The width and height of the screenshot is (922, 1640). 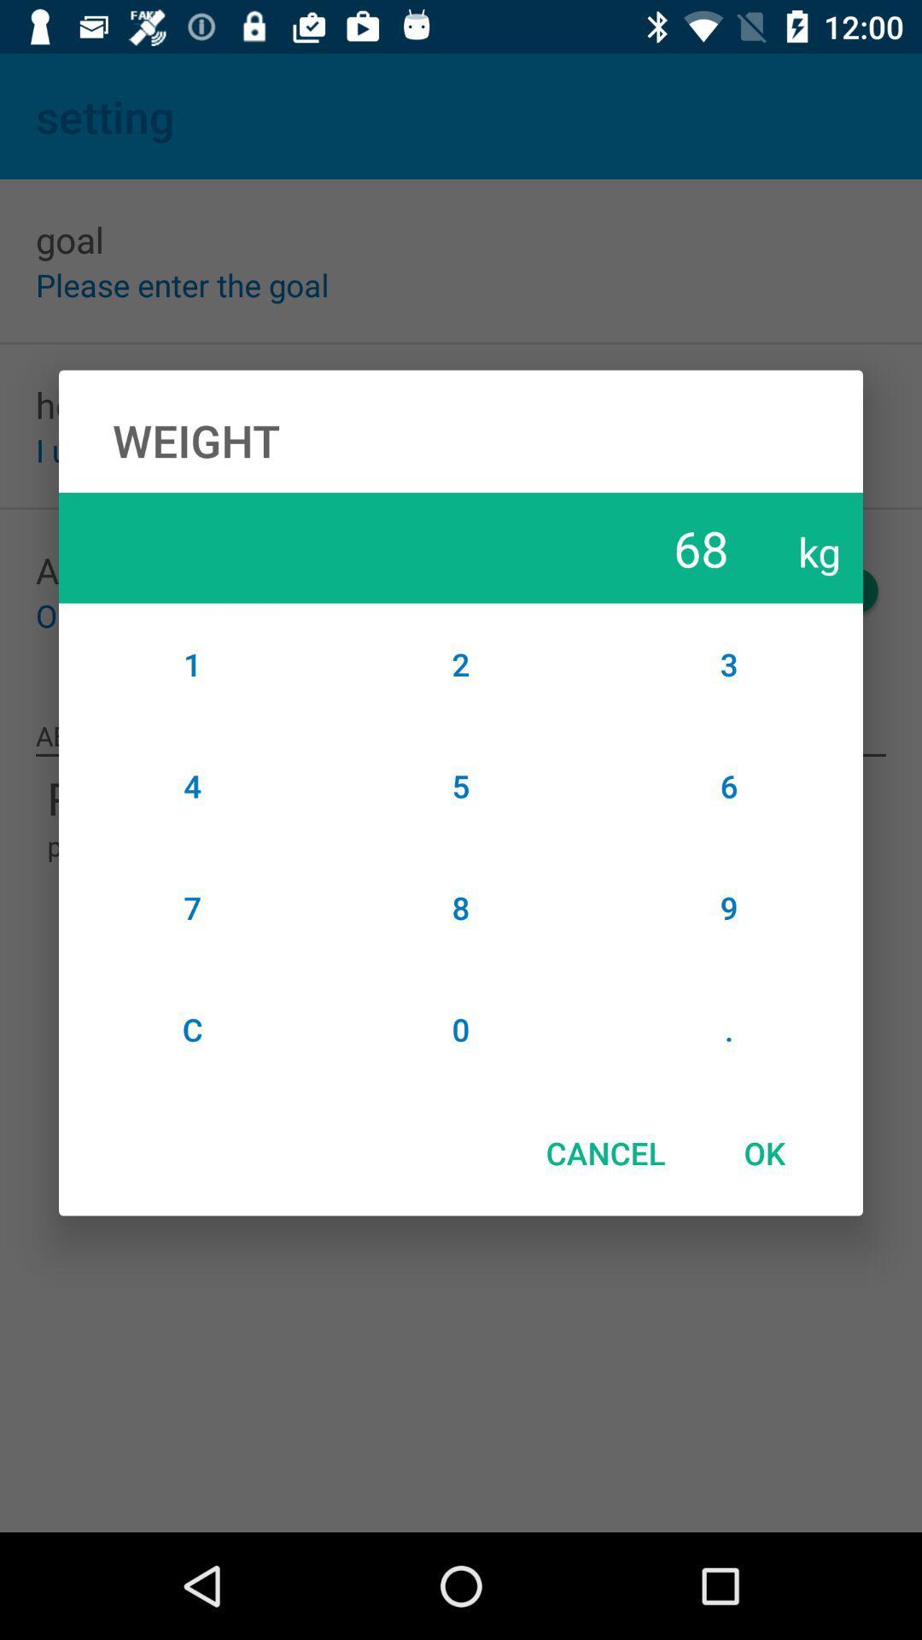 What do you see at coordinates (461, 906) in the screenshot?
I see `item to the right of the 4` at bounding box center [461, 906].